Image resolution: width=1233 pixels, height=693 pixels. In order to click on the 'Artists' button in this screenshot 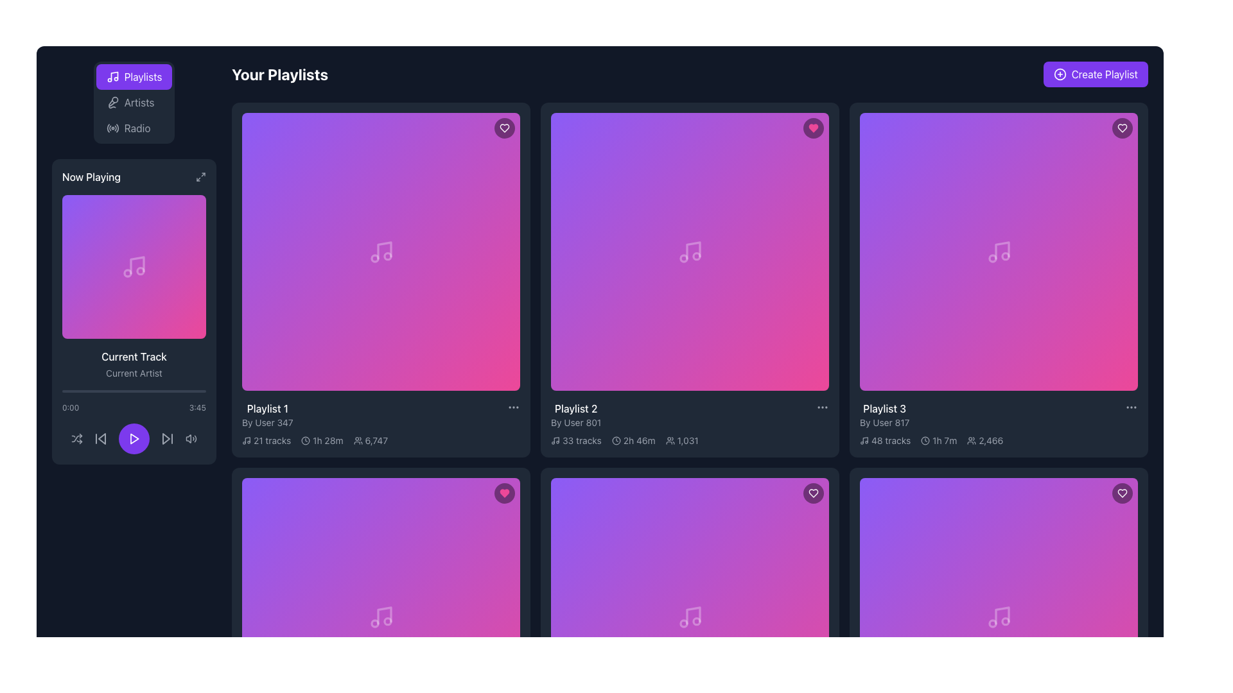, I will do `click(130, 101)`.